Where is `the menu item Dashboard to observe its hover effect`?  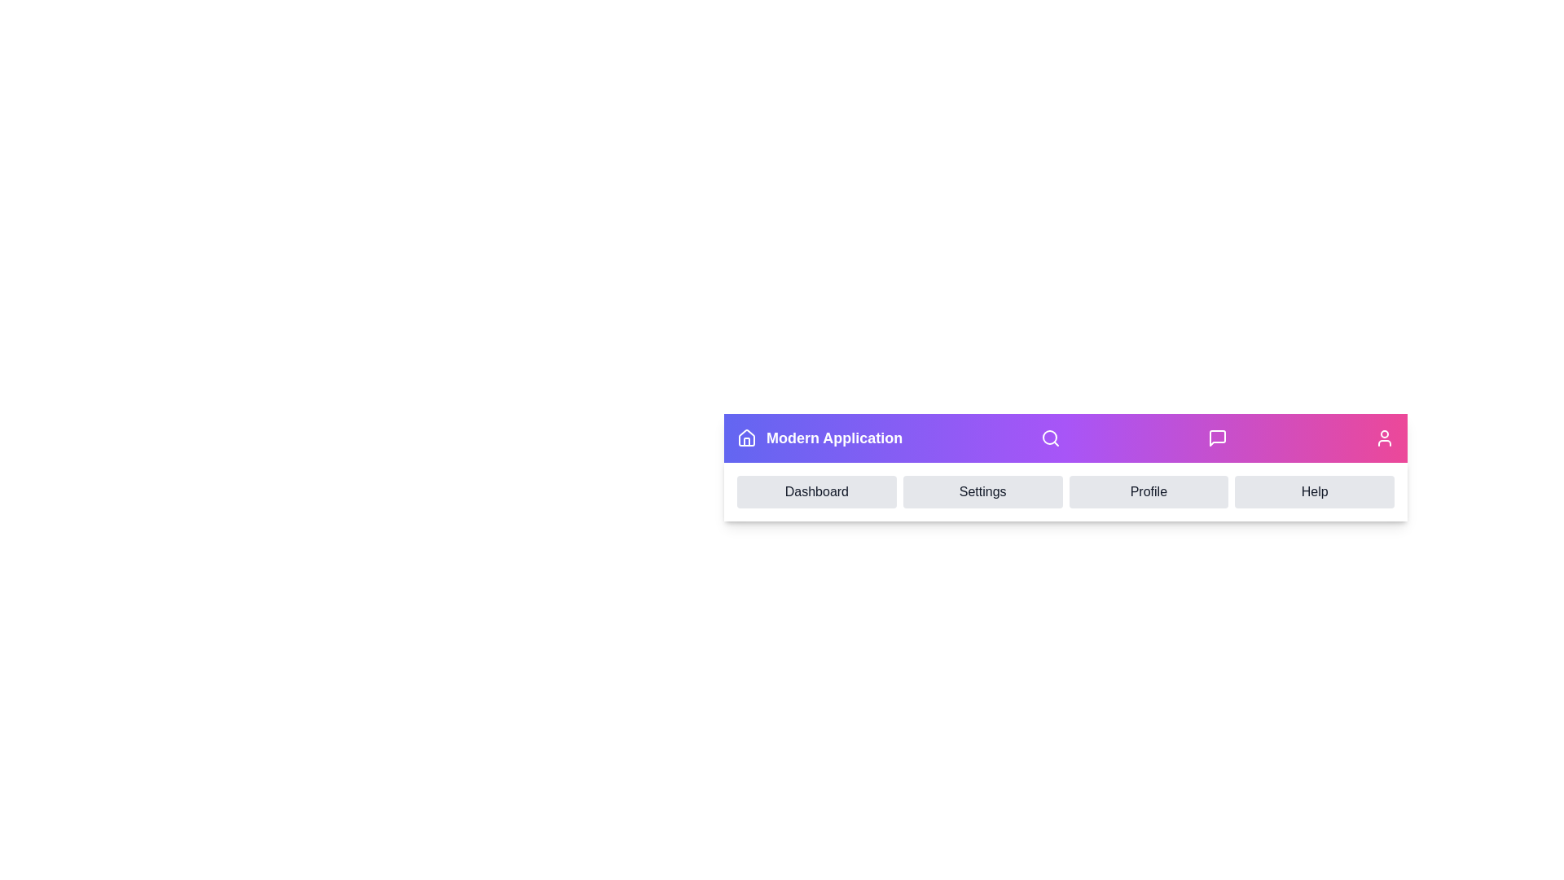
the menu item Dashboard to observe its hover effect is located at coordinates (816, 491).